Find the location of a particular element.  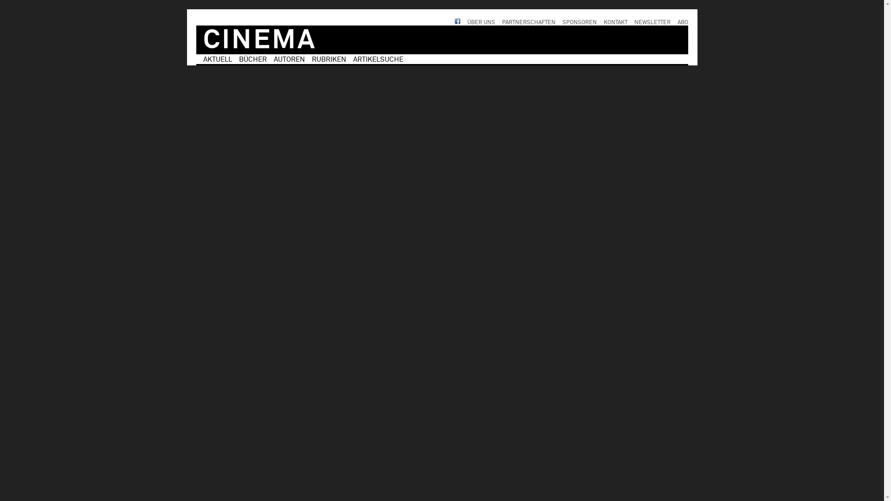

'AKTUELL' is located at coordinates (217, 59).